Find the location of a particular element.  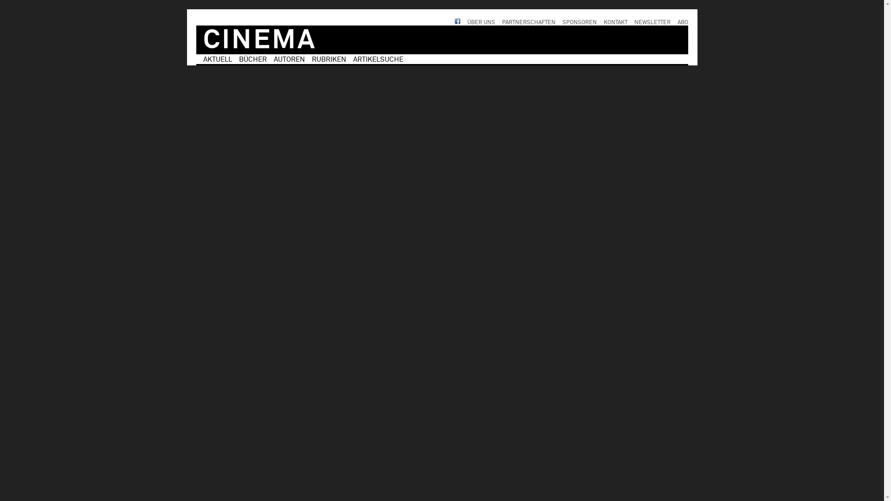

'AKTUELL' is located at coordinates (217, 59).